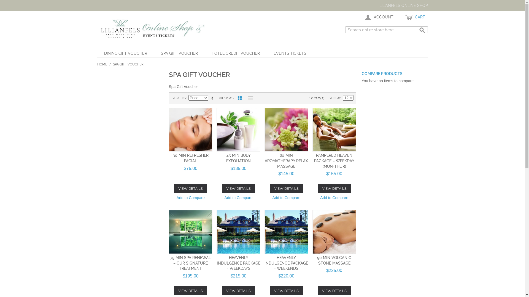 The height and width of the screenshot is (297, 529). Describe the element at coordinates (102, 64) in the screenshot. I see `'HOME'` at that location.